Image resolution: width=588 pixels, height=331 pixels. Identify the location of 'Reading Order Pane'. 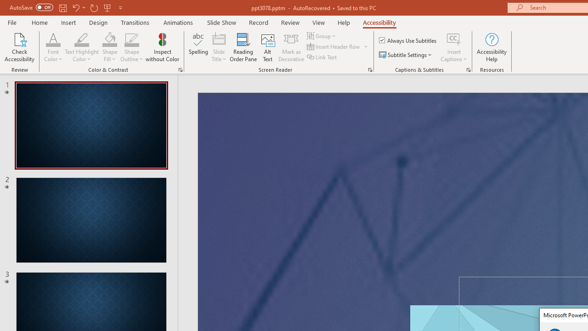
(243, 47).